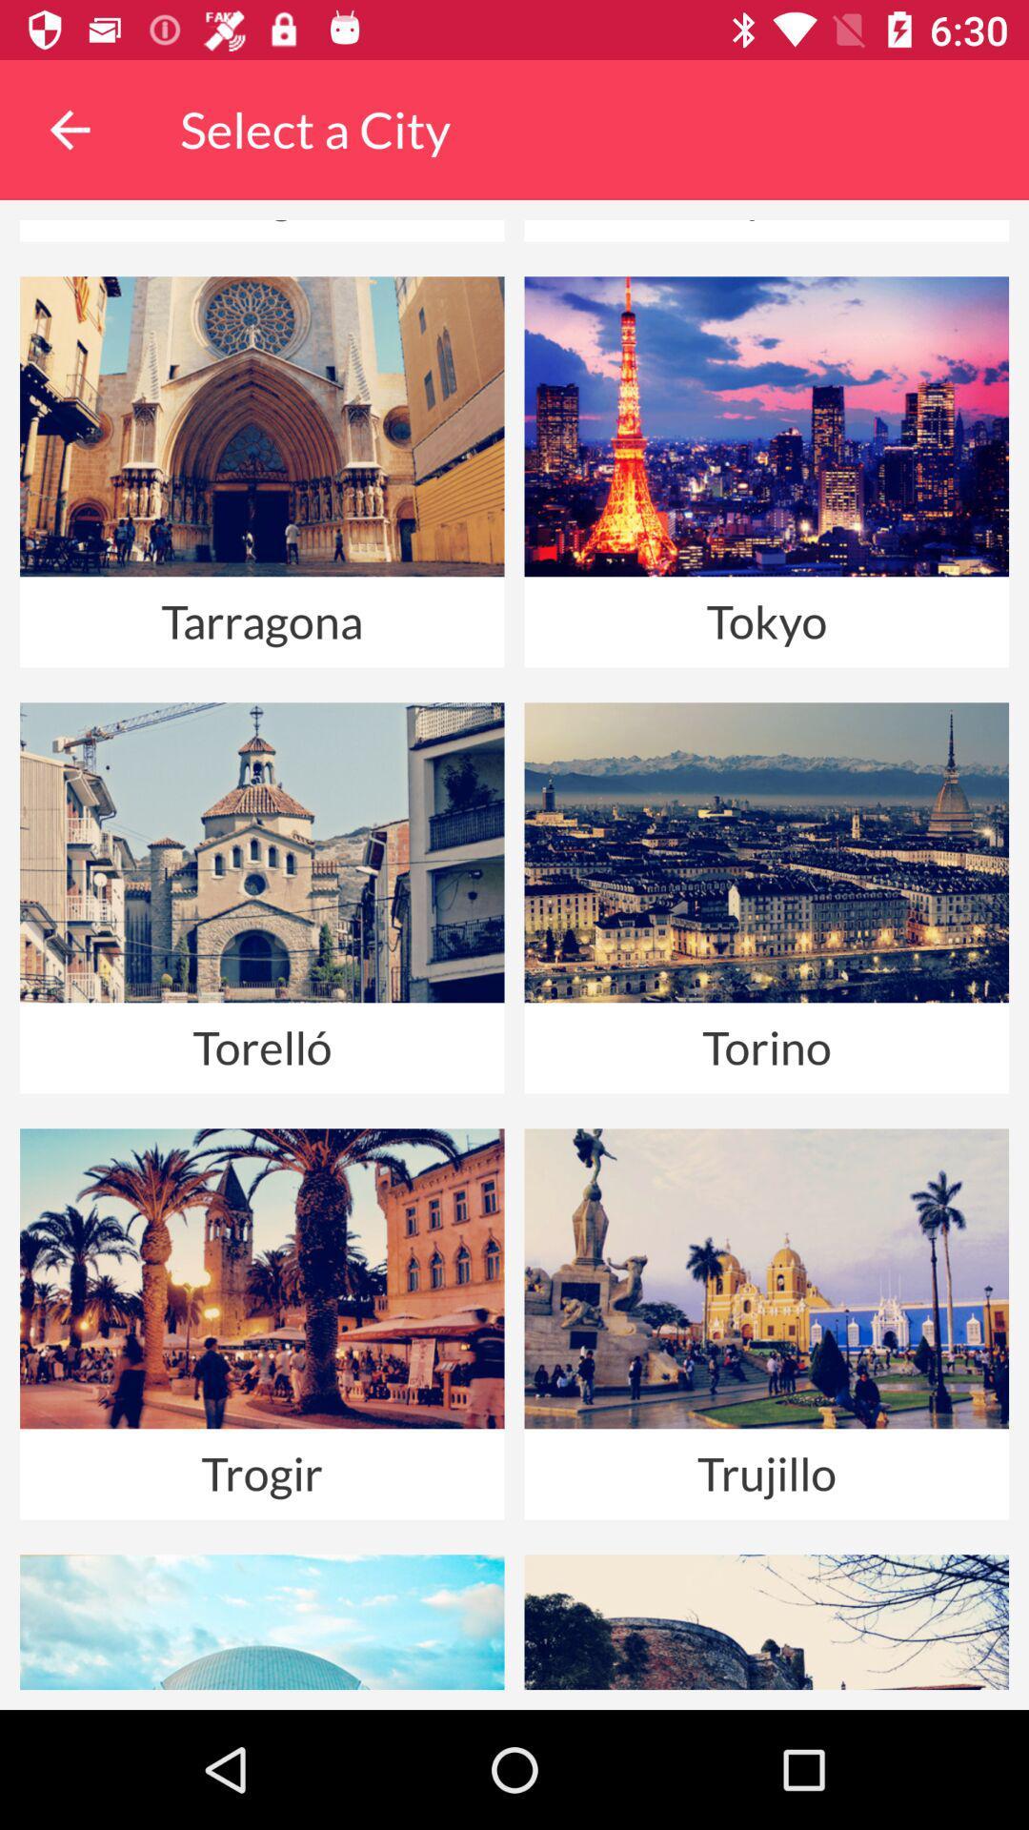  Describe the element at coordinates (69, 129) in the screenshot. I see `item next to select a city` at that location.